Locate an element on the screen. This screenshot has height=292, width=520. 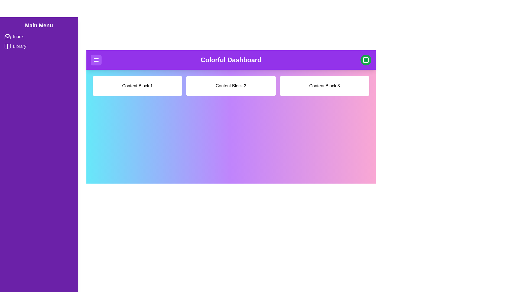
the menu button to toggle the menu visibility is located at coordinates (96, 60).